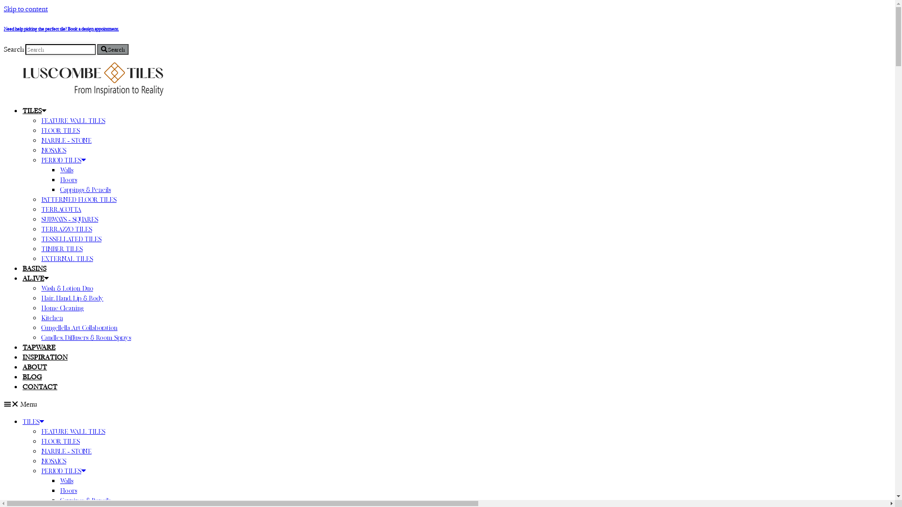 The height and width of the screenshot is (507, 902). I want to click on 'TIMBER TILES', so click(40, 248).